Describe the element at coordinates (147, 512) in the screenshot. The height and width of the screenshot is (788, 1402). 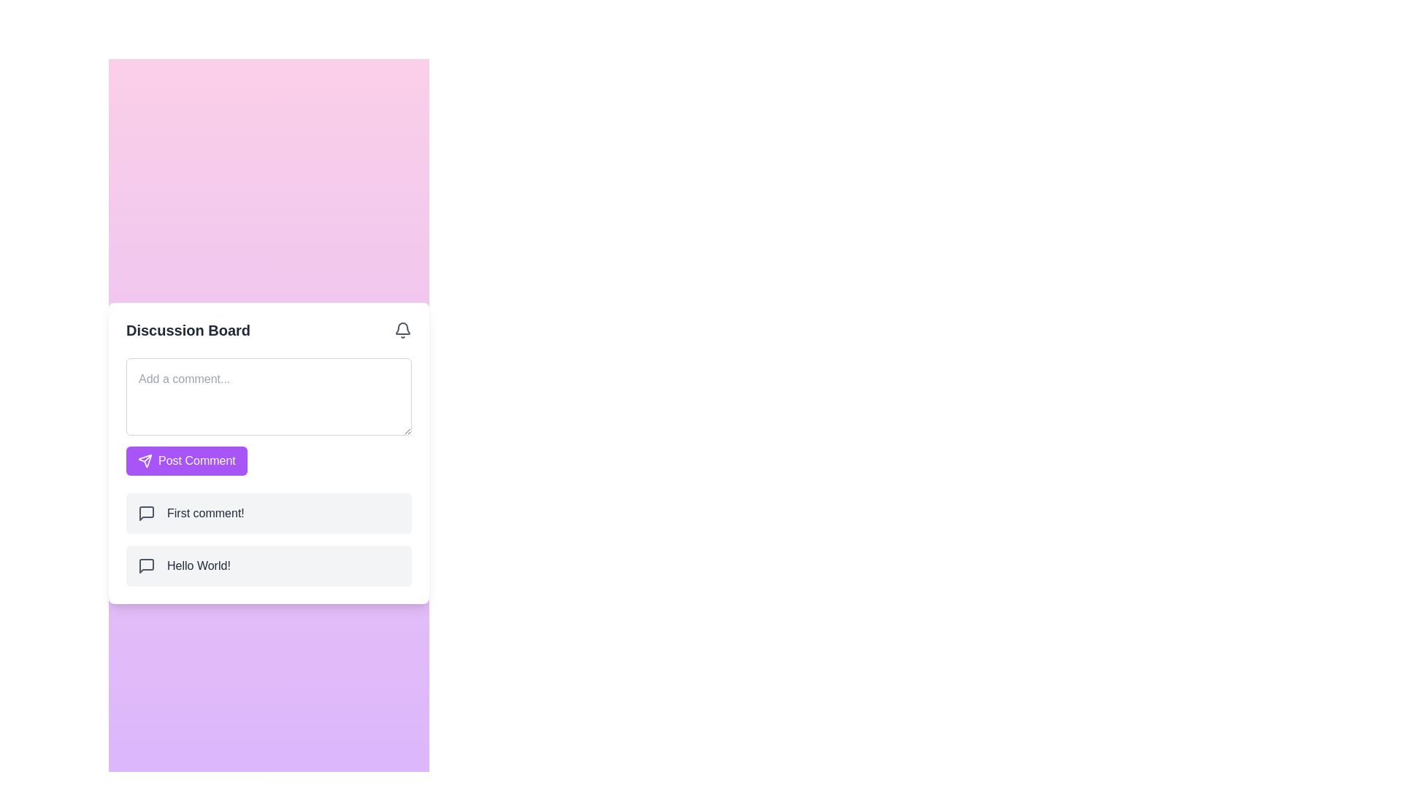
I see `the message/comment icon located to the left of the 'First comment!' text in the second comment box of the Discussion Board interface` at that location.